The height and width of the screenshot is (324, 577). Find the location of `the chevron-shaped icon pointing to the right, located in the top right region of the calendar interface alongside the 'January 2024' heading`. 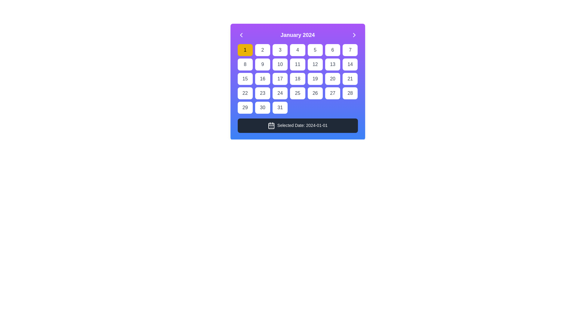

the chevron-shaped icon pointing to the right, located in the top right region of the calendar interface alongside the 'January 2024' heading is located at coordinates (354, 35).